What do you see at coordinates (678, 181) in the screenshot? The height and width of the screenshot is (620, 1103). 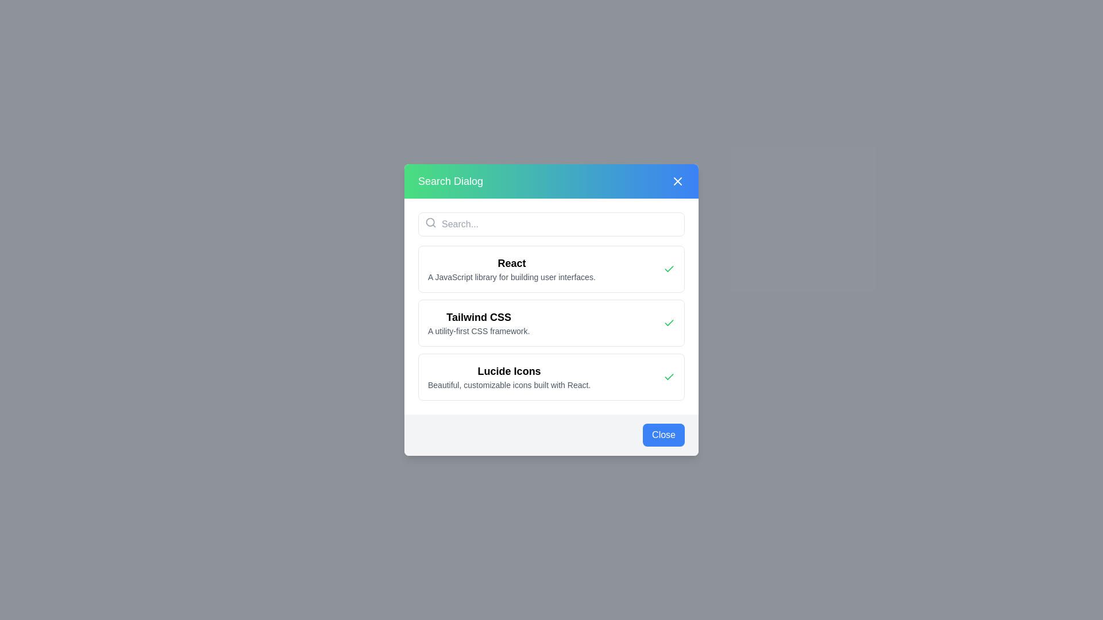 I see `the close button located in the top-right corner of the dialog window` at bounding box center [678, 181].